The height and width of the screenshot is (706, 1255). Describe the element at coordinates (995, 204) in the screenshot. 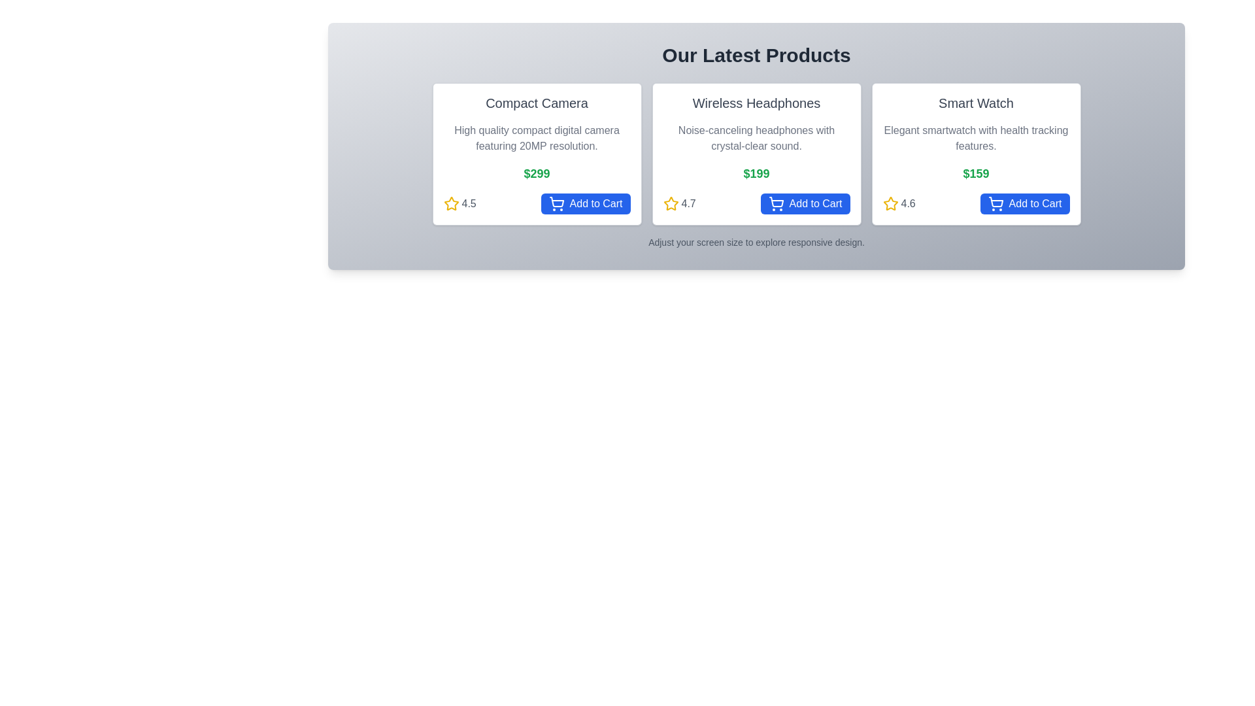

I see `the shopping cart icon located in the second card under the 'Add to Cart' label of the 'Smart Watch' product card, which is the rightmost card in a horizontal row of product cards` at that location.